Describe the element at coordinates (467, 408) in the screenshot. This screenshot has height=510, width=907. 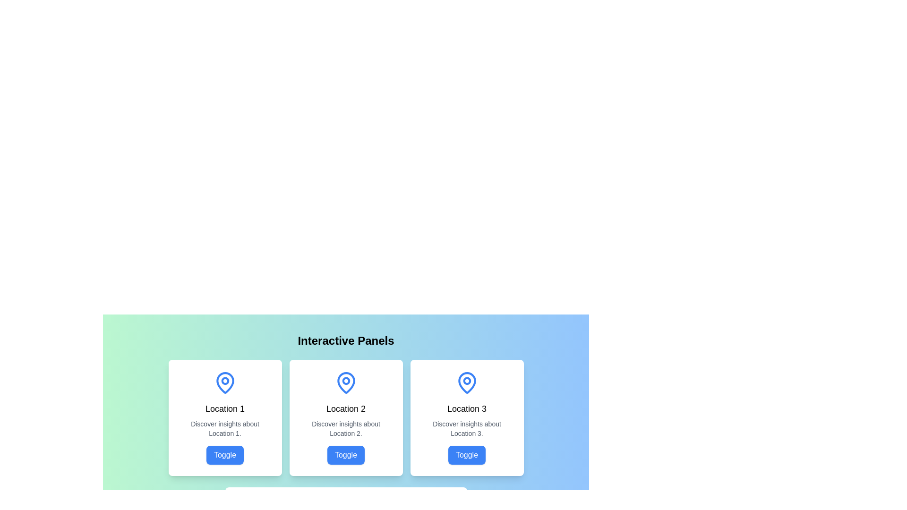
I see `the text element displaying 'Location 3', which is a bold title positioned below an icon and above descriptive text` at that location.